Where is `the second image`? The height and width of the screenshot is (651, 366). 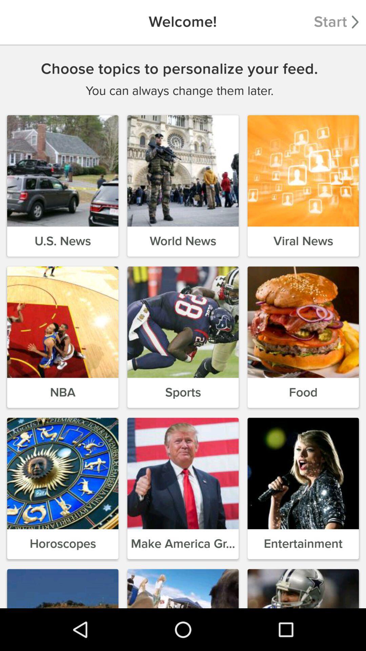
the second image is located at coordinates (183, 171).